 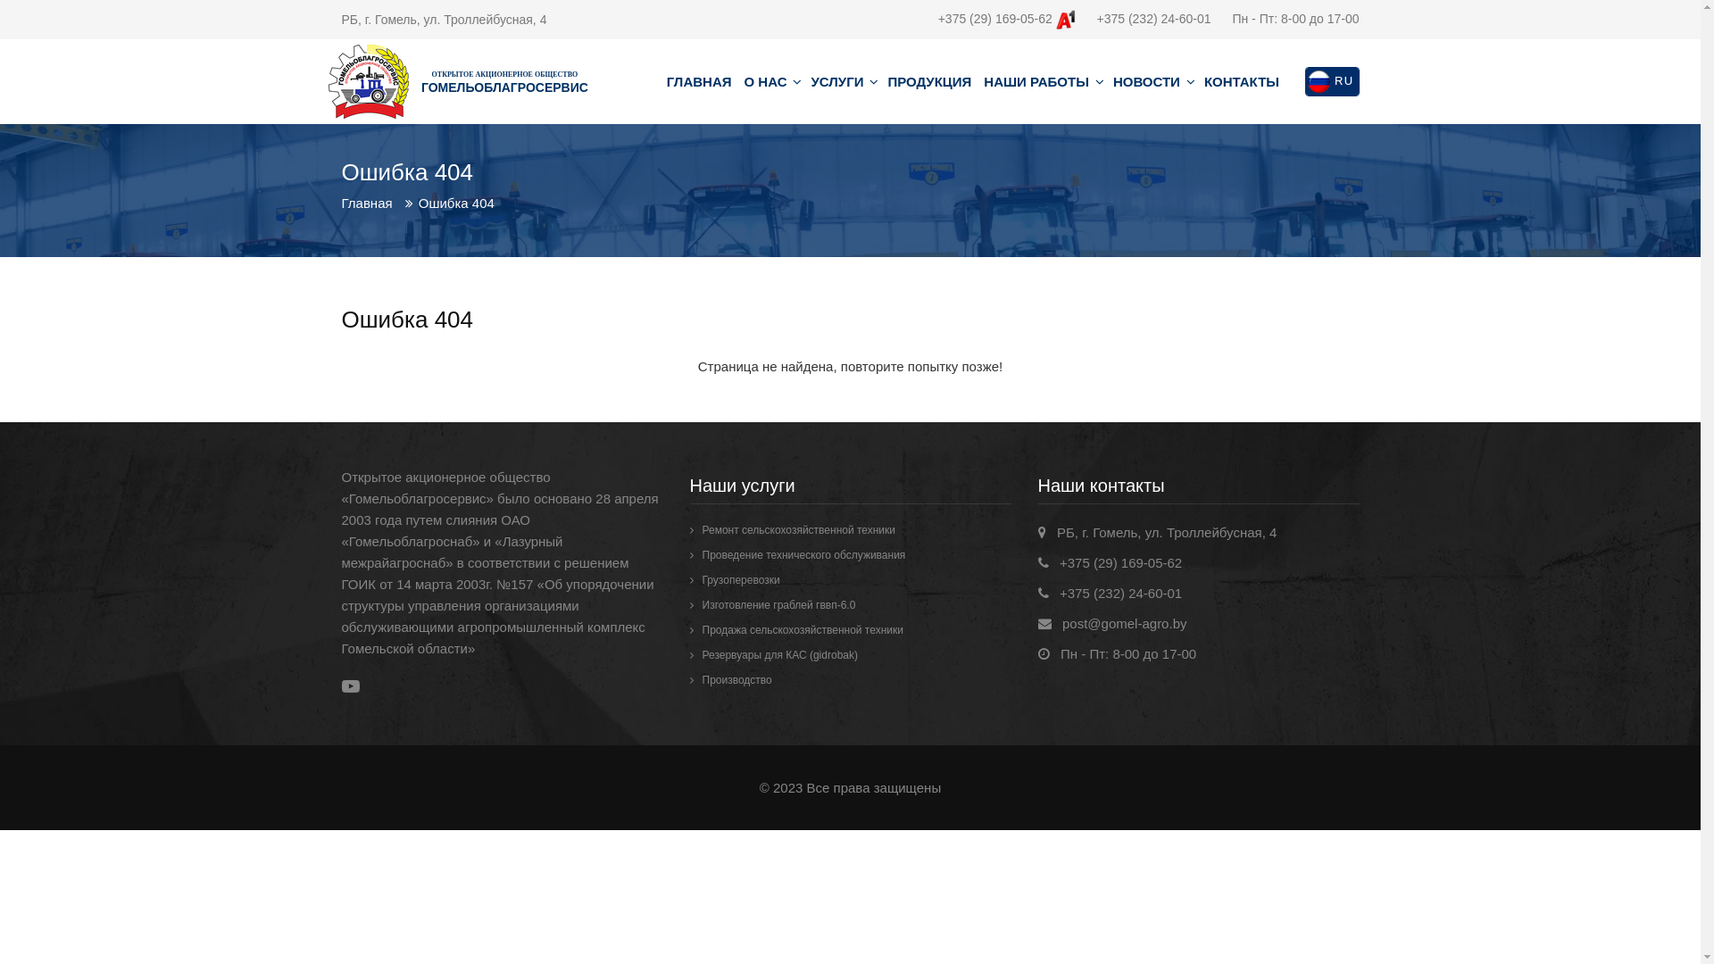 What do you see at coordinates (1152, 18) in the screenshot?
I see `'+375 (232) 24-60-01'` at bounding box center [1152, 18].